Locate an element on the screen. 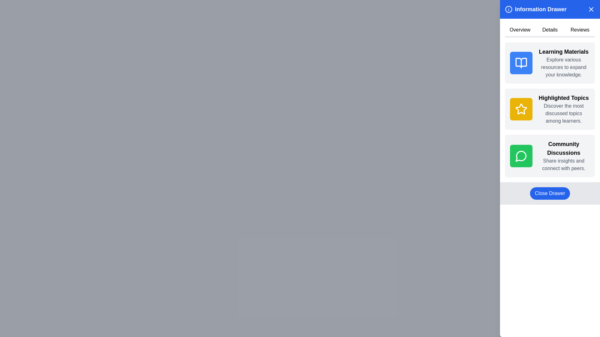 The height and width of the screenshot is (337, 600). the button with rounded edges and a blue background labeled 'Close Drawer' is located at coordinates (550, 193).